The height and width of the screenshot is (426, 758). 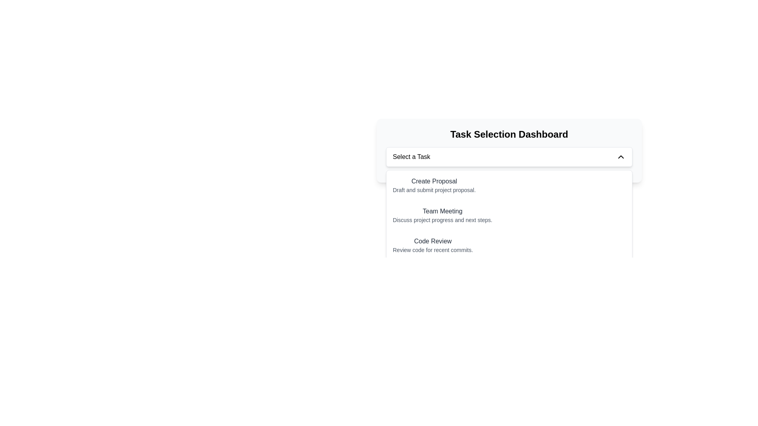 What do you see at coordinates (509, 150) in the screenshot?
I see `the dropdown control located centrally within the task selection interface` at bounding box center [509, 150].